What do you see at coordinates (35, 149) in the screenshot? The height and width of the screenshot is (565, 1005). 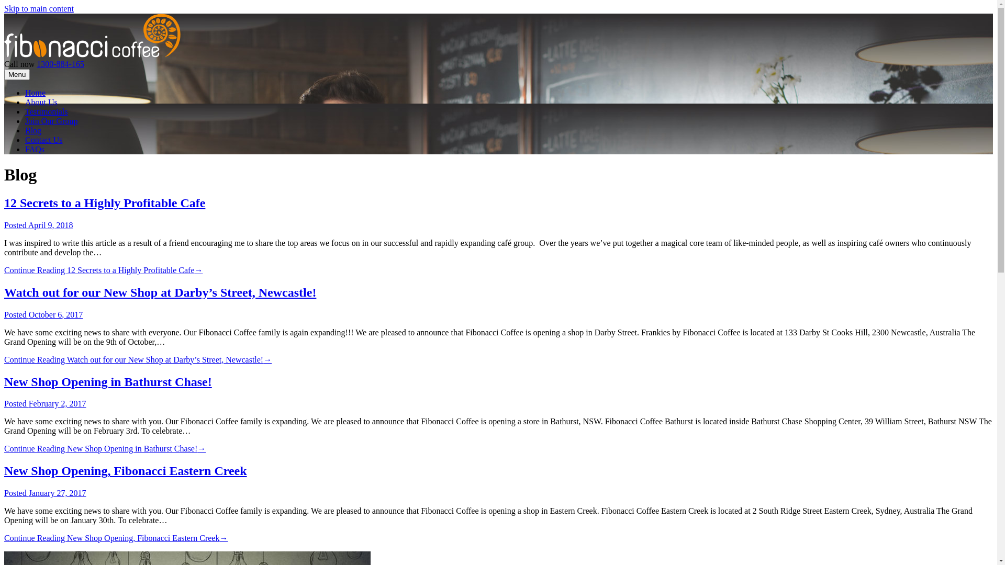 I see `'FAQs'` at bounding box center [35, 149].